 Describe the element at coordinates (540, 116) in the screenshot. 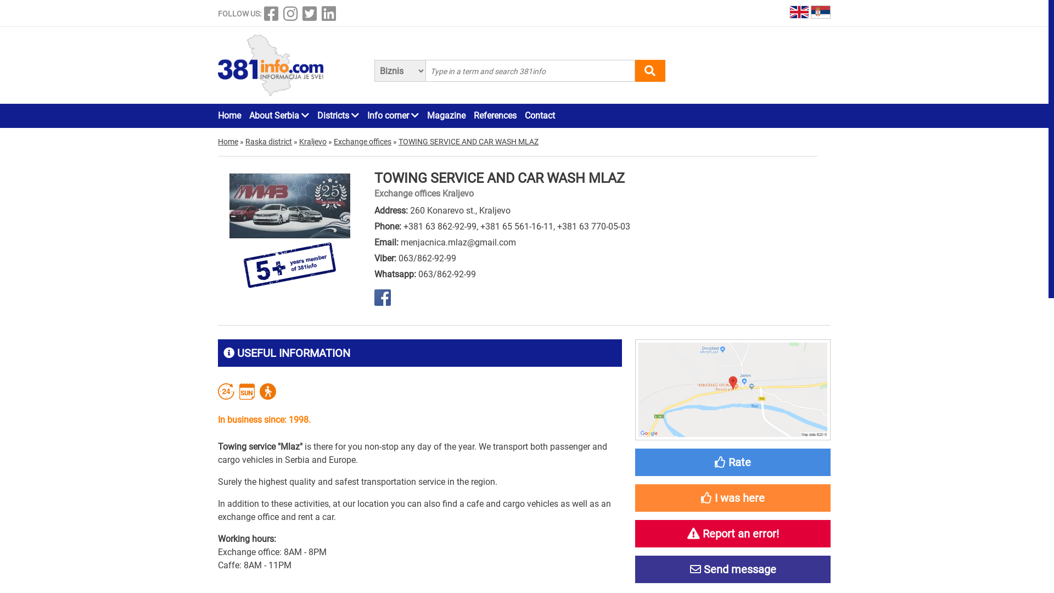

I see `'Contact'` at that location.